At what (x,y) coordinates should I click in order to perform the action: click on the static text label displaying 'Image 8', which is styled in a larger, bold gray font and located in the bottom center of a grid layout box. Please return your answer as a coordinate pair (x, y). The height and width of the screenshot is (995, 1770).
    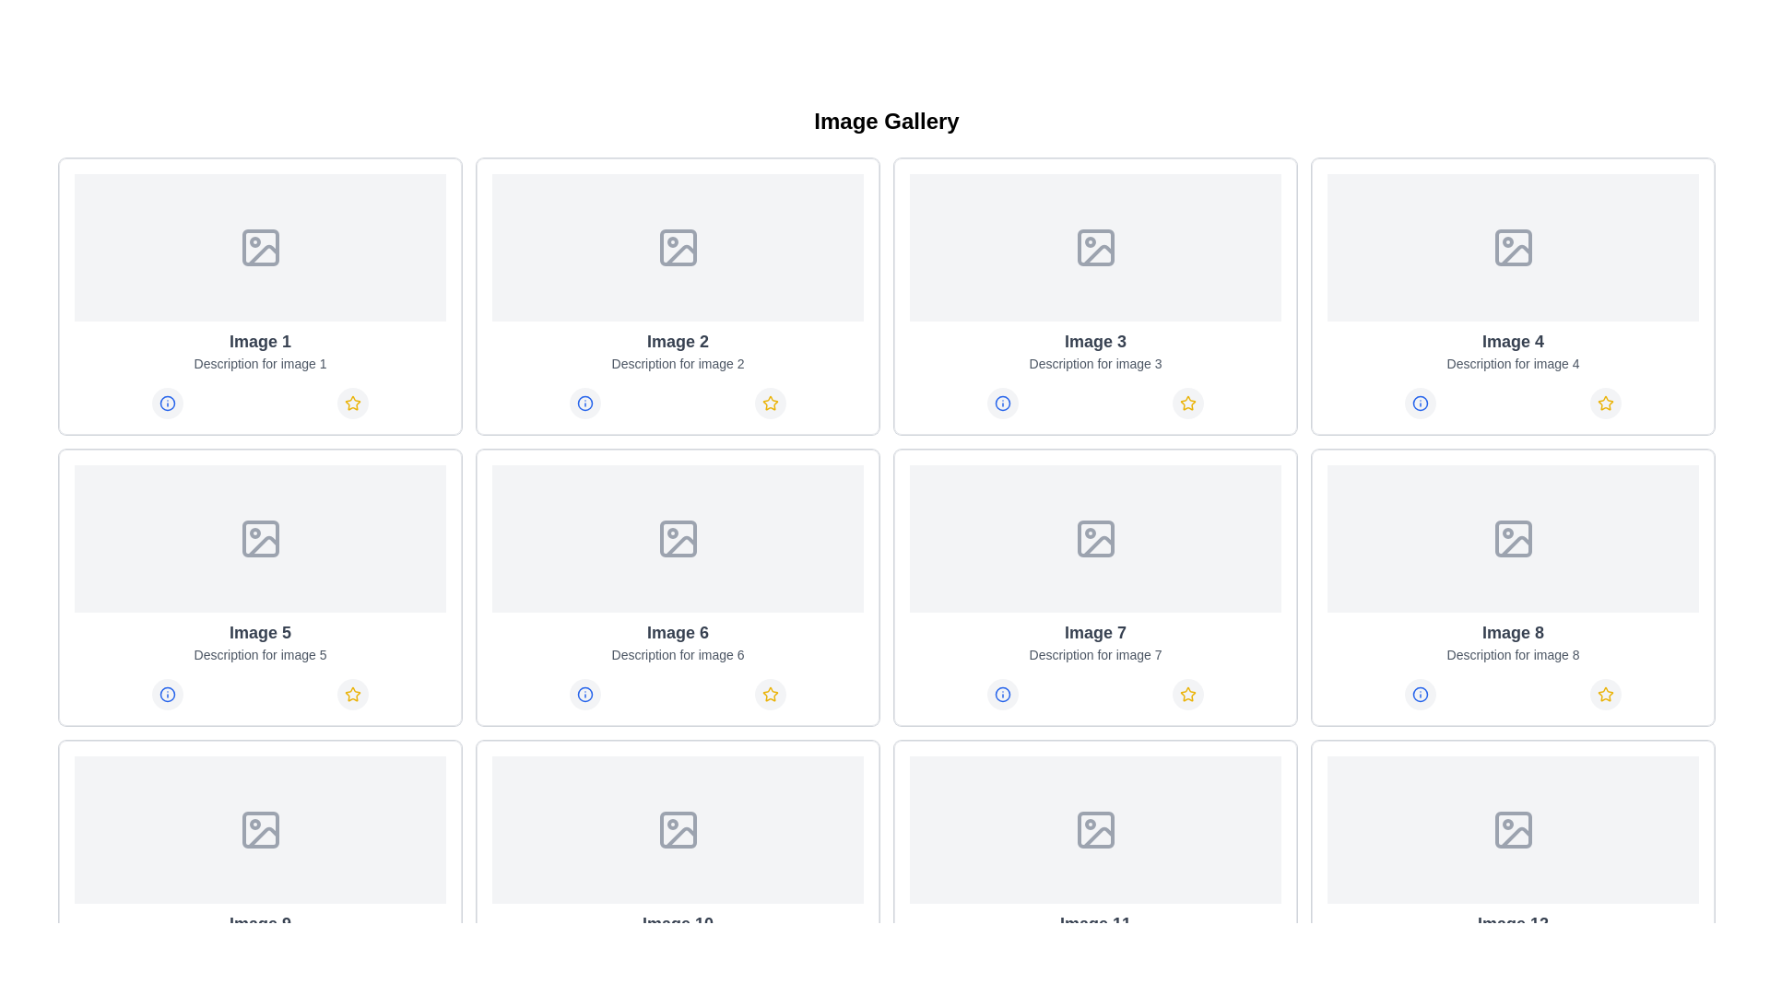
    Looking at the image, I should click on (1513, 631).